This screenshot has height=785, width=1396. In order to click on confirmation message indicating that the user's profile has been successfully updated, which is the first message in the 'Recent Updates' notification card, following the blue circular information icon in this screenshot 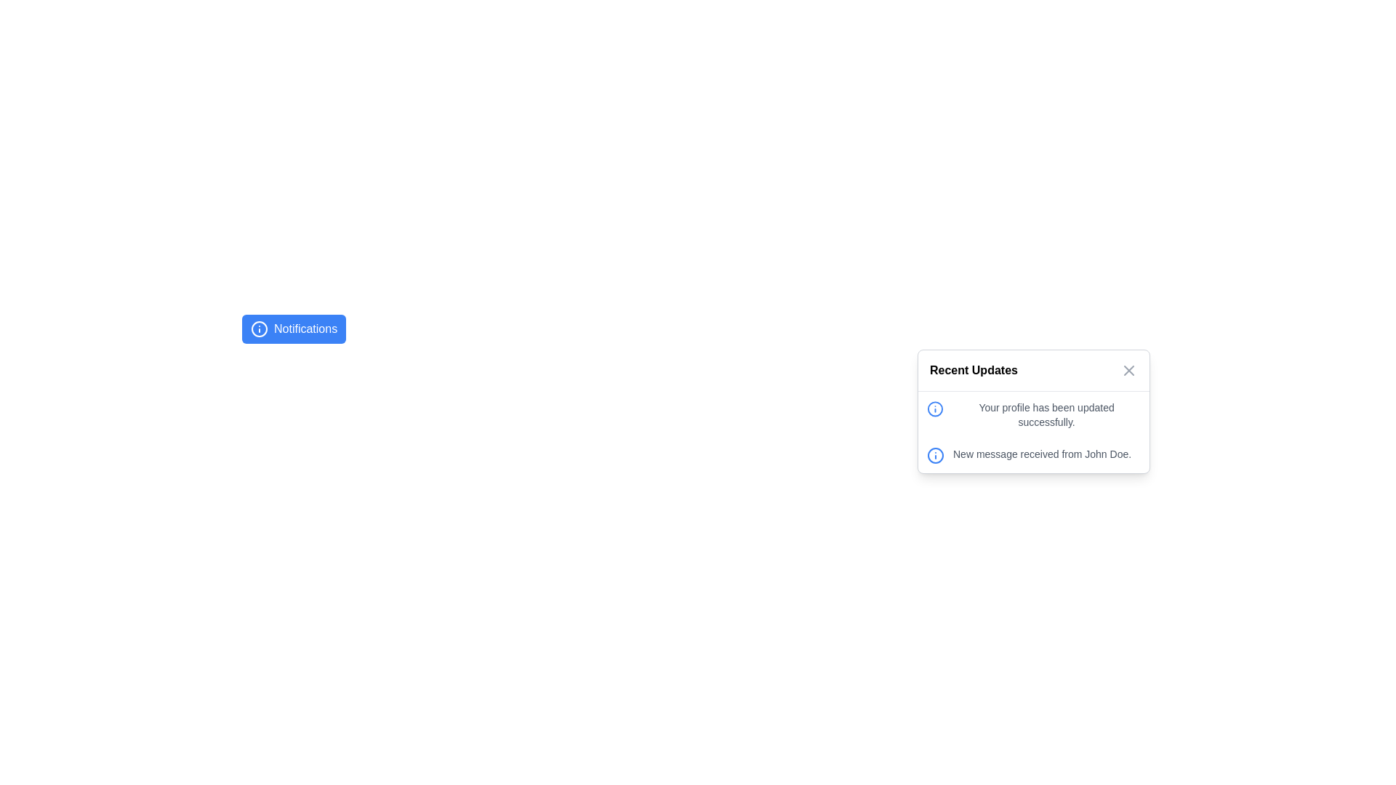, I will do `click(1032, 414)`.